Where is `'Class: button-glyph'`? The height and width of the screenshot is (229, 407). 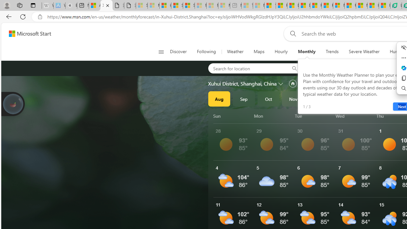
'Class: button-glyph' is located at coordinates (161, 52).